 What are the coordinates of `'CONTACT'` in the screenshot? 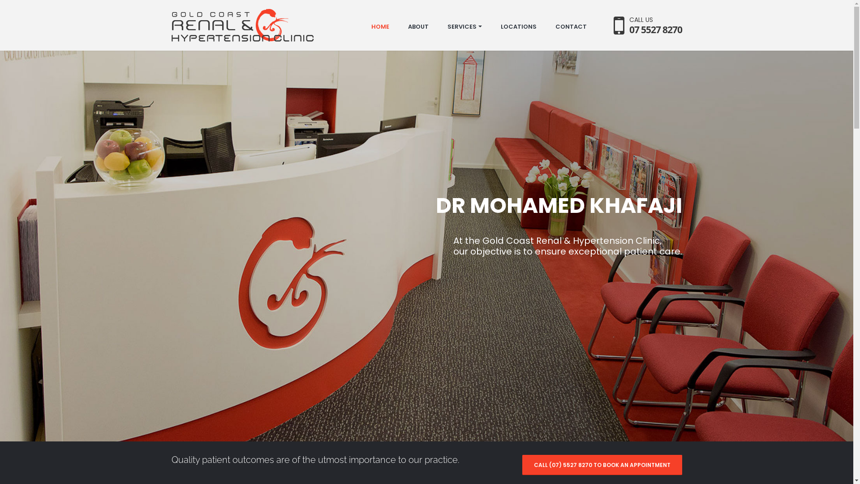 It's located at (571, 26).